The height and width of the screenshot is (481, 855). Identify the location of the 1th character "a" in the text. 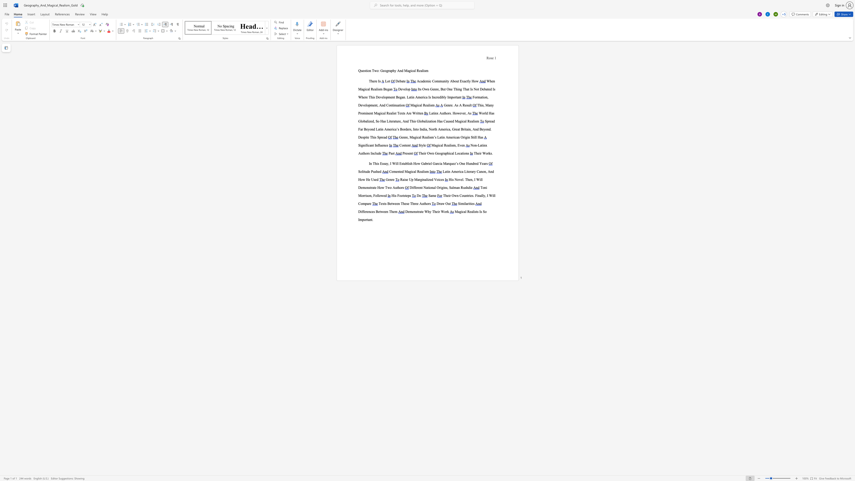
(421, 81).